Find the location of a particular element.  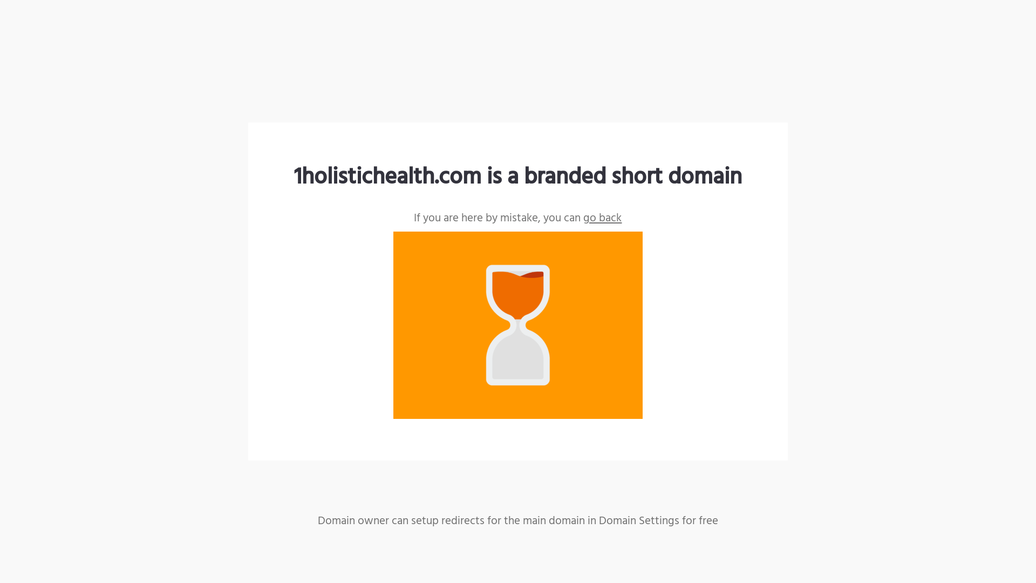

'go back' is located at coordinates (602, 218).